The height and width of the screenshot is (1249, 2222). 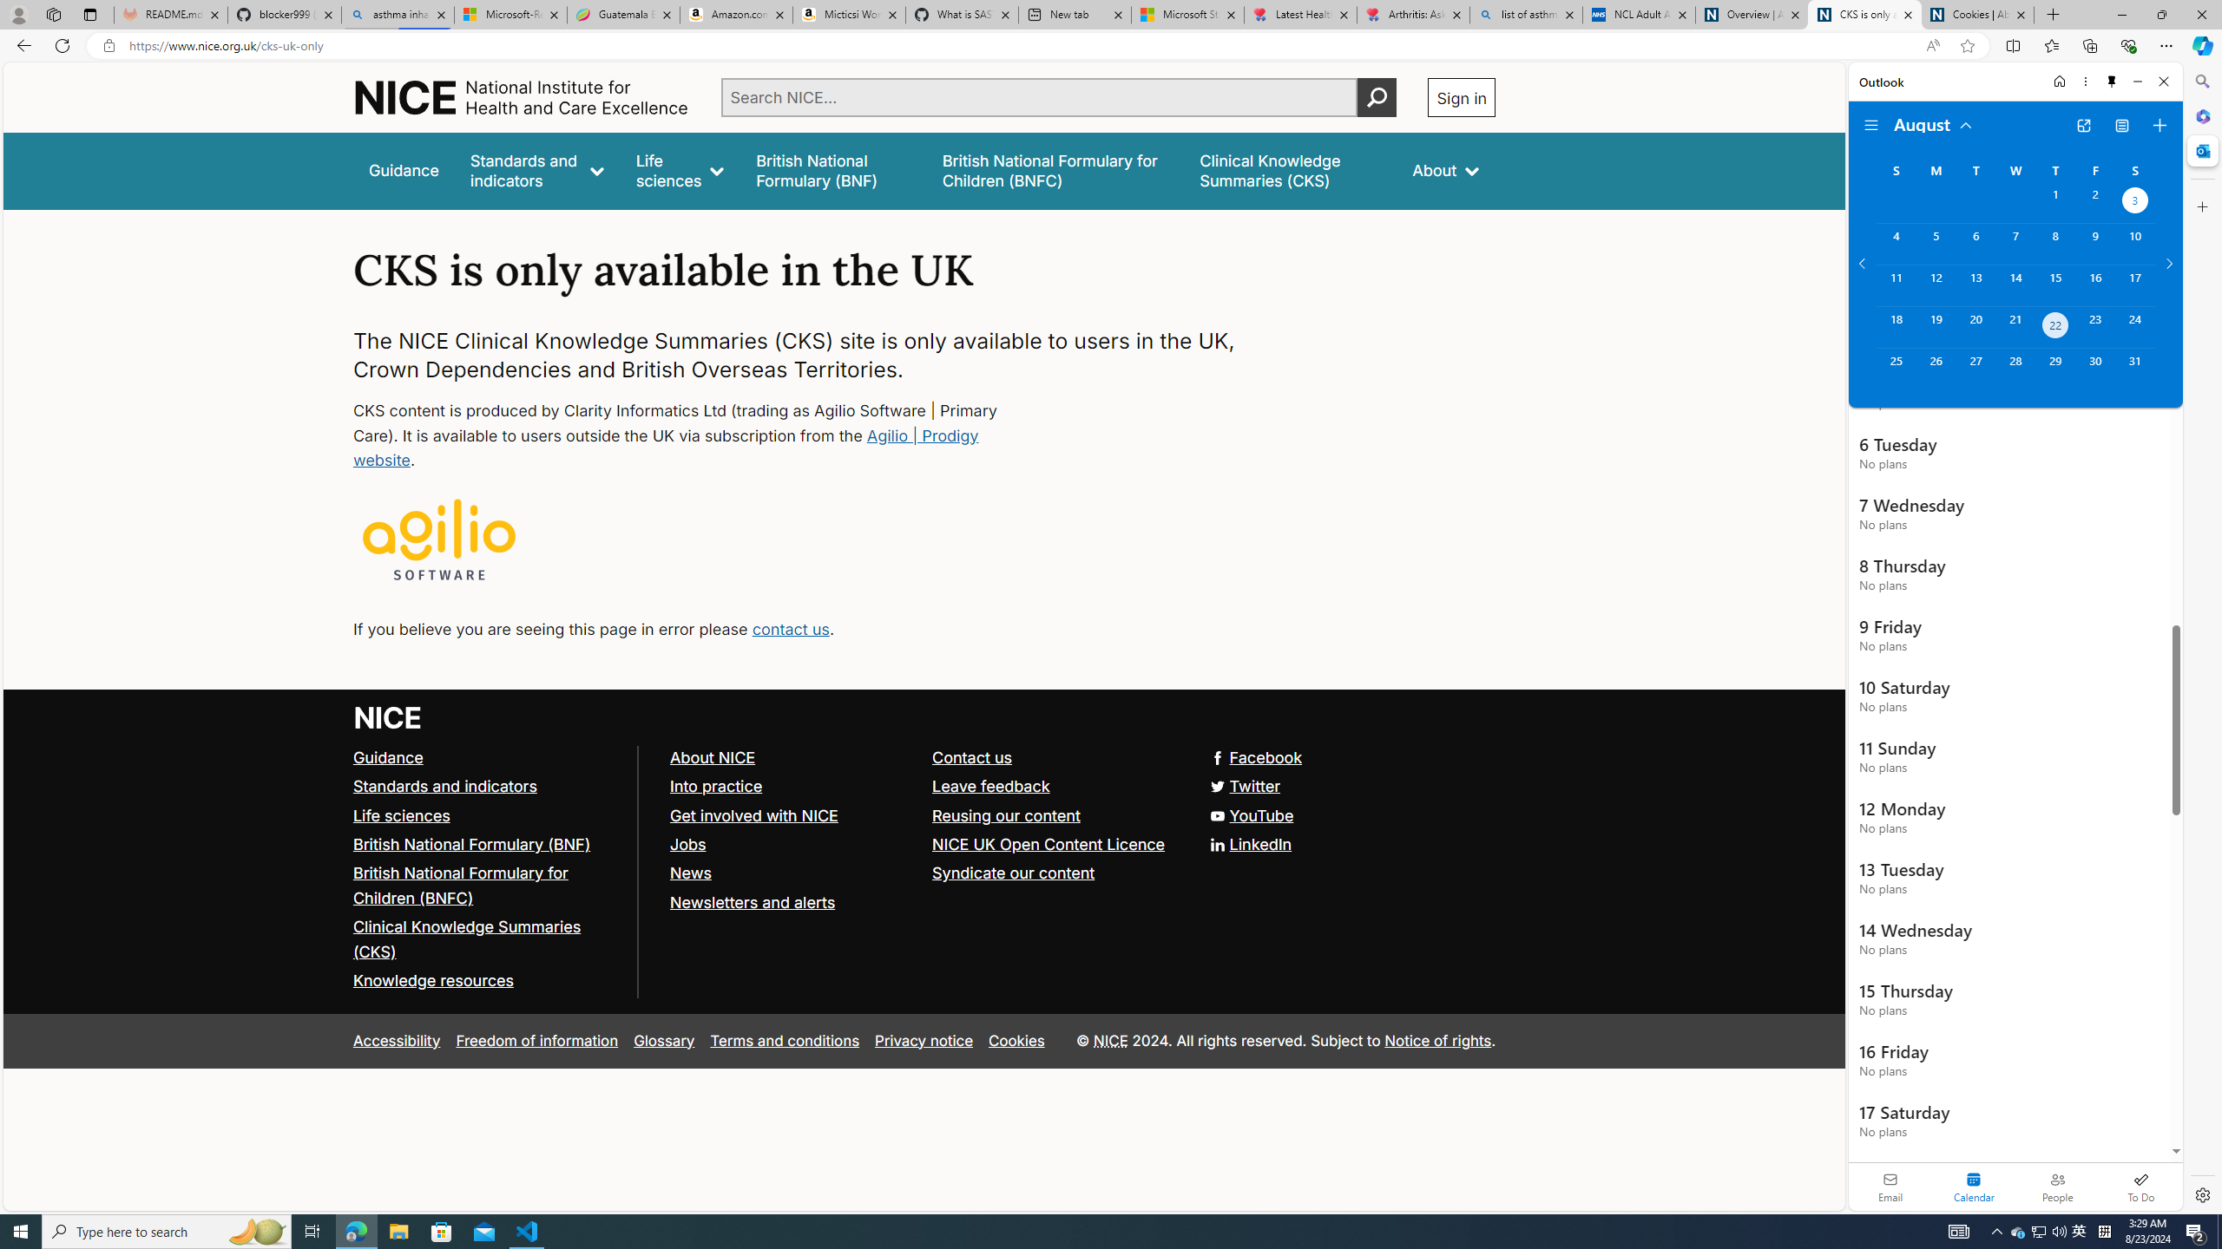 I want to click on 'Jobs', so click(x=792, y=844).